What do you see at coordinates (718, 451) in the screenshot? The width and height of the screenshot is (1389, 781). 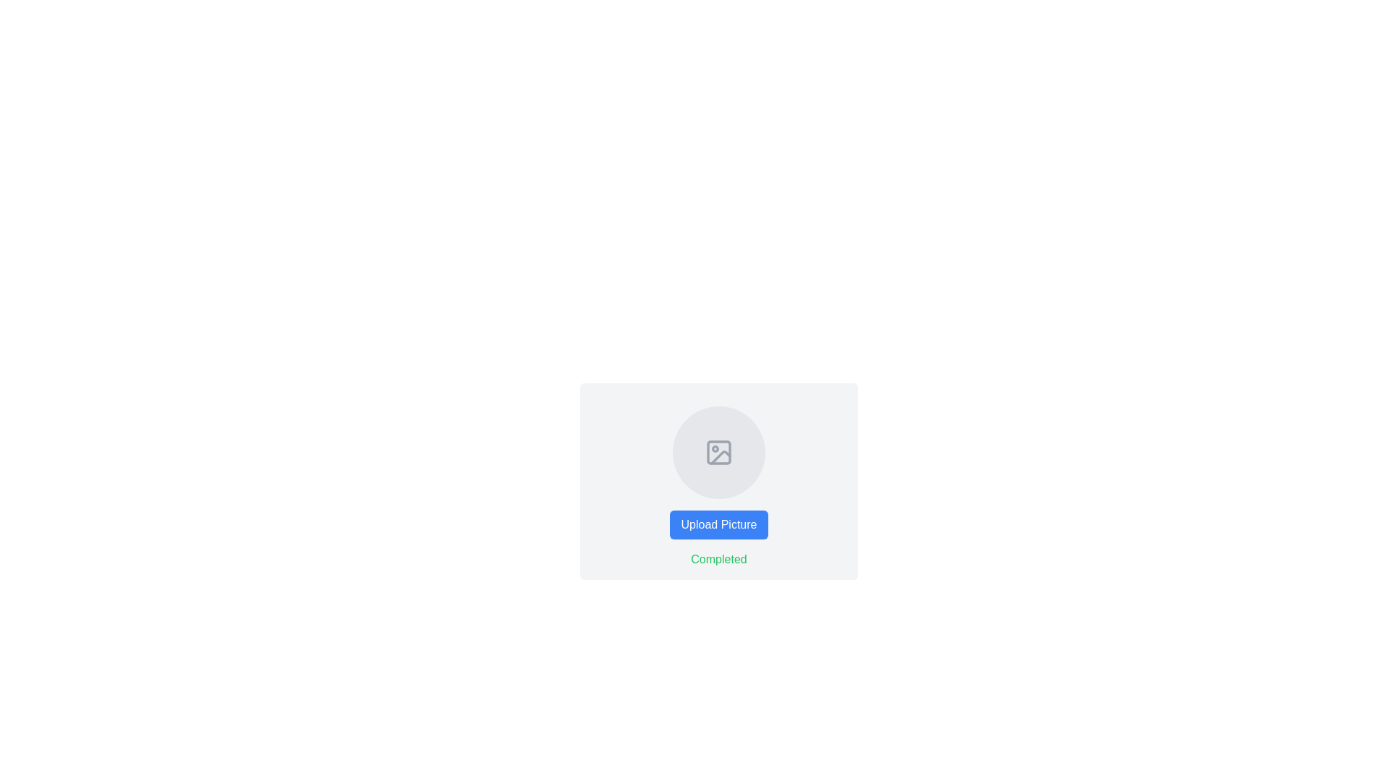 I see `the circular Interactive Placeholder with a gray background and a centered image icon to initiate the file upload dialog` at bounding box center [718, 451].